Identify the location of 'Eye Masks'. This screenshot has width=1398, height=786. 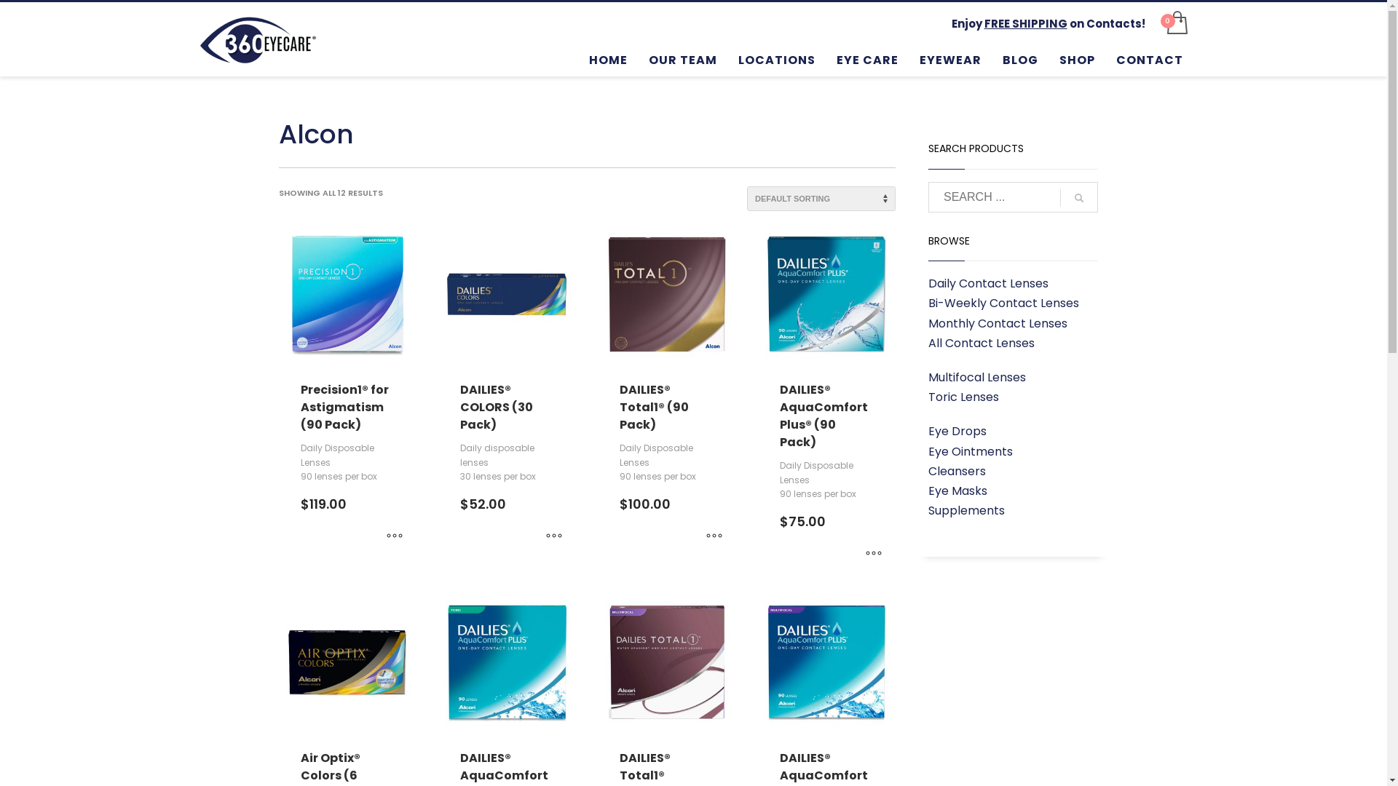
(957, 491).